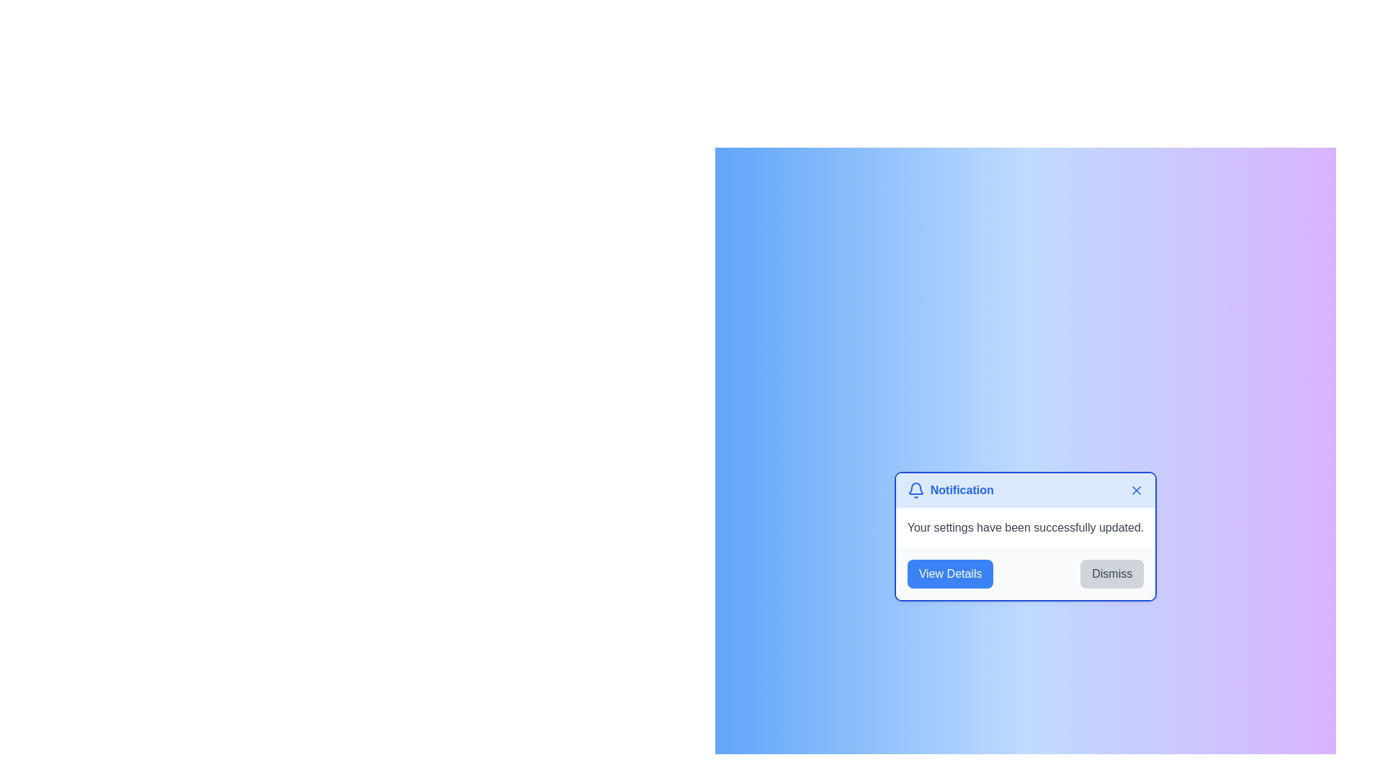 The width and height of the screenshot is (1383, 778). Describe the element at coordinates (1136, 490) in the screenshot. I see `the close button icon located at the upper-right corner of the notification dialog to dismiss the notification` at that location.